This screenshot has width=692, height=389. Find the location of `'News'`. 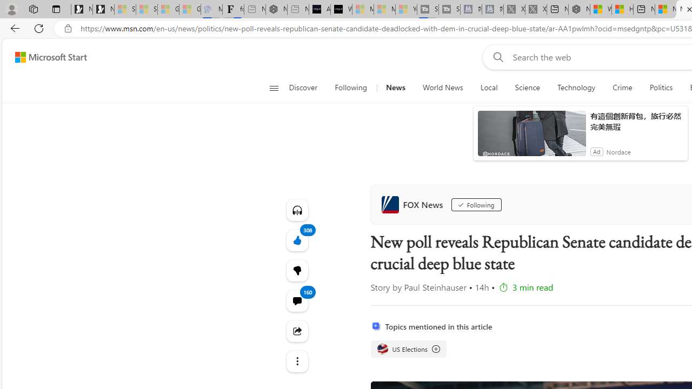

'News' is located at coordinates (395, 88).